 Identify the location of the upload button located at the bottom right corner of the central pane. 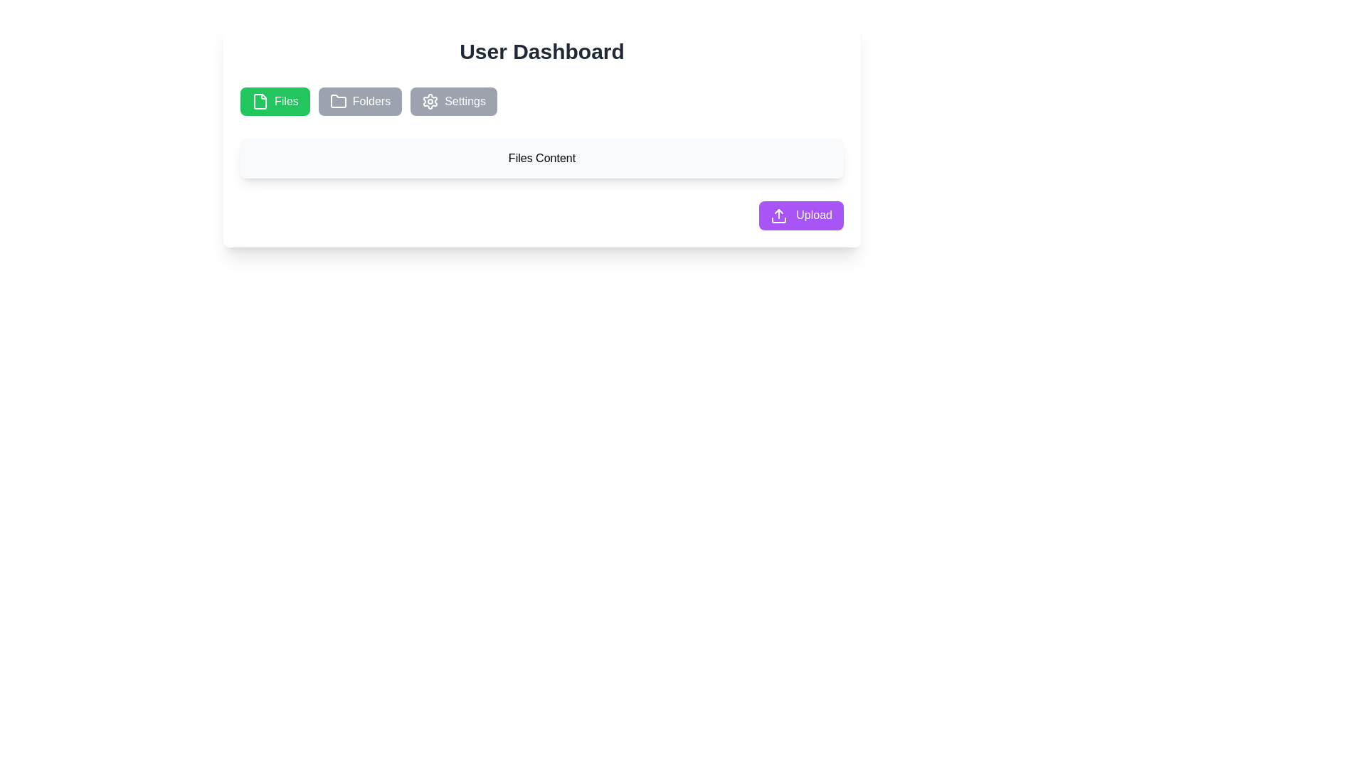
(801, 215).